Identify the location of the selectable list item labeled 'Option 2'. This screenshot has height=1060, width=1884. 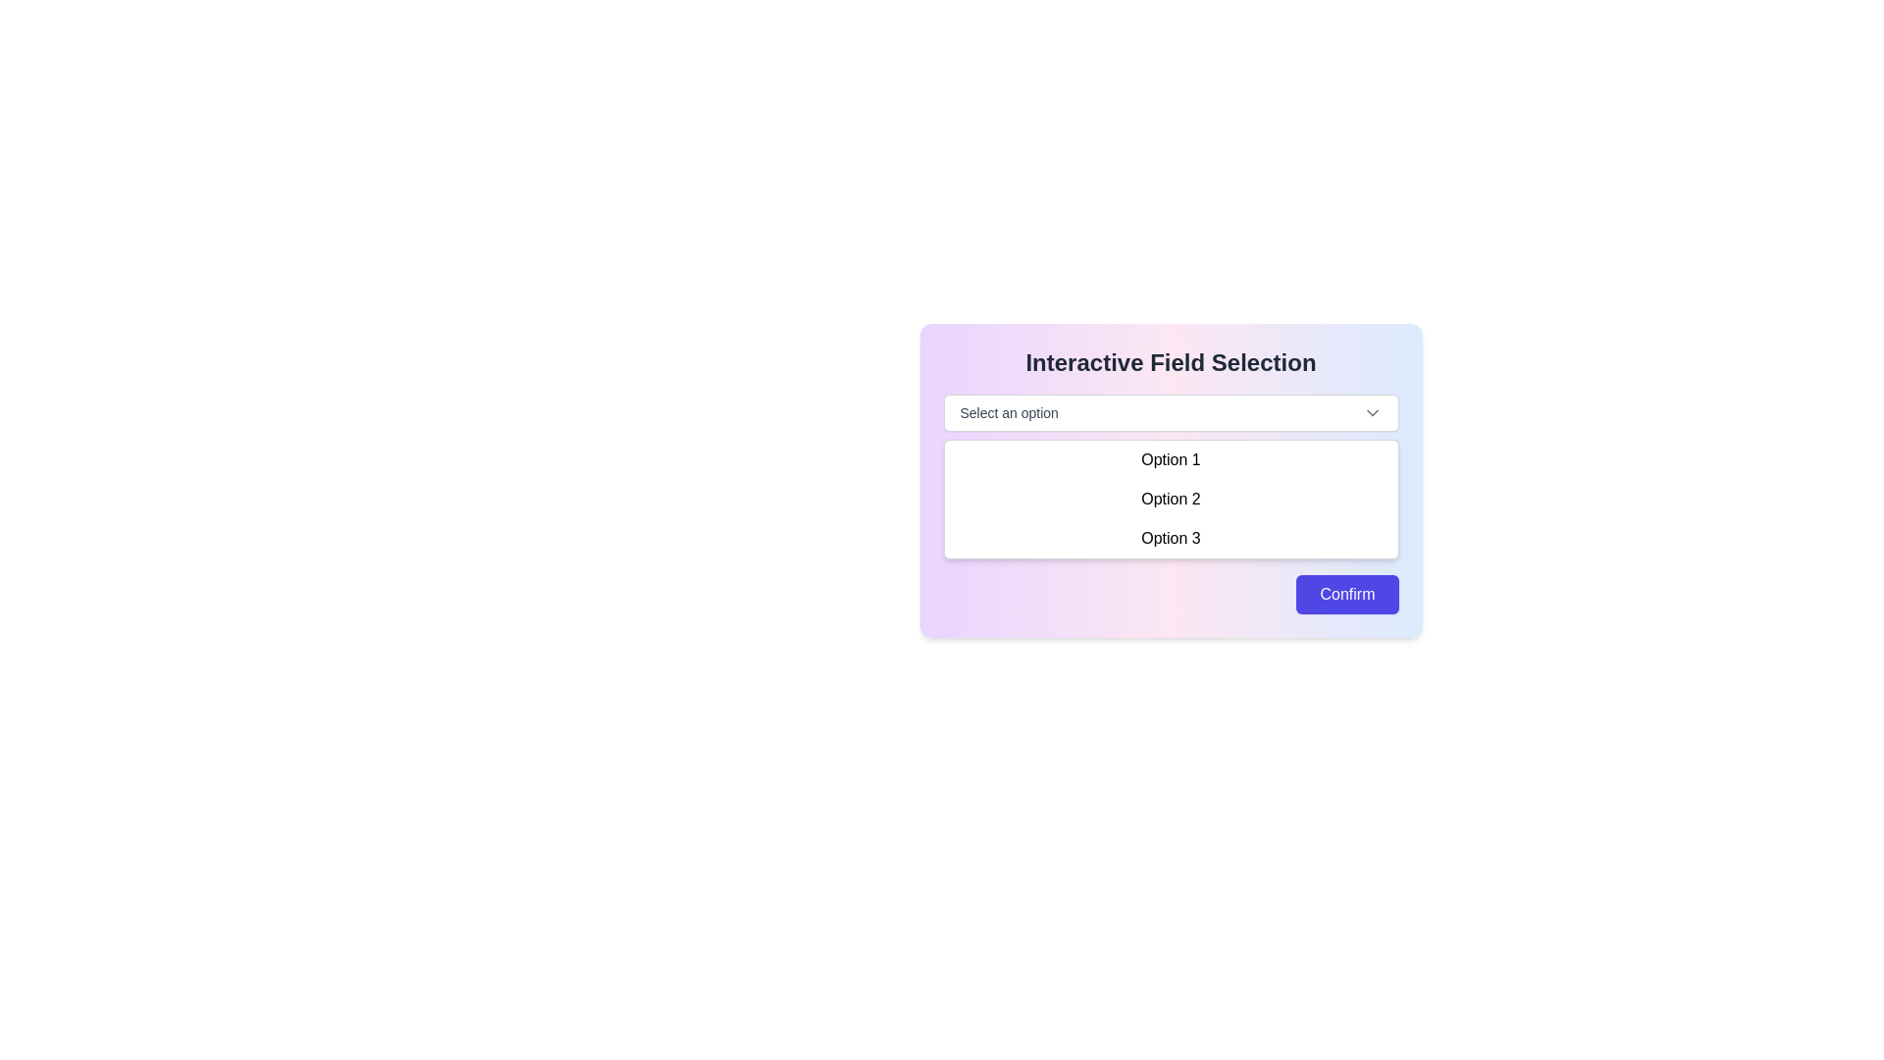
(1171, 499).